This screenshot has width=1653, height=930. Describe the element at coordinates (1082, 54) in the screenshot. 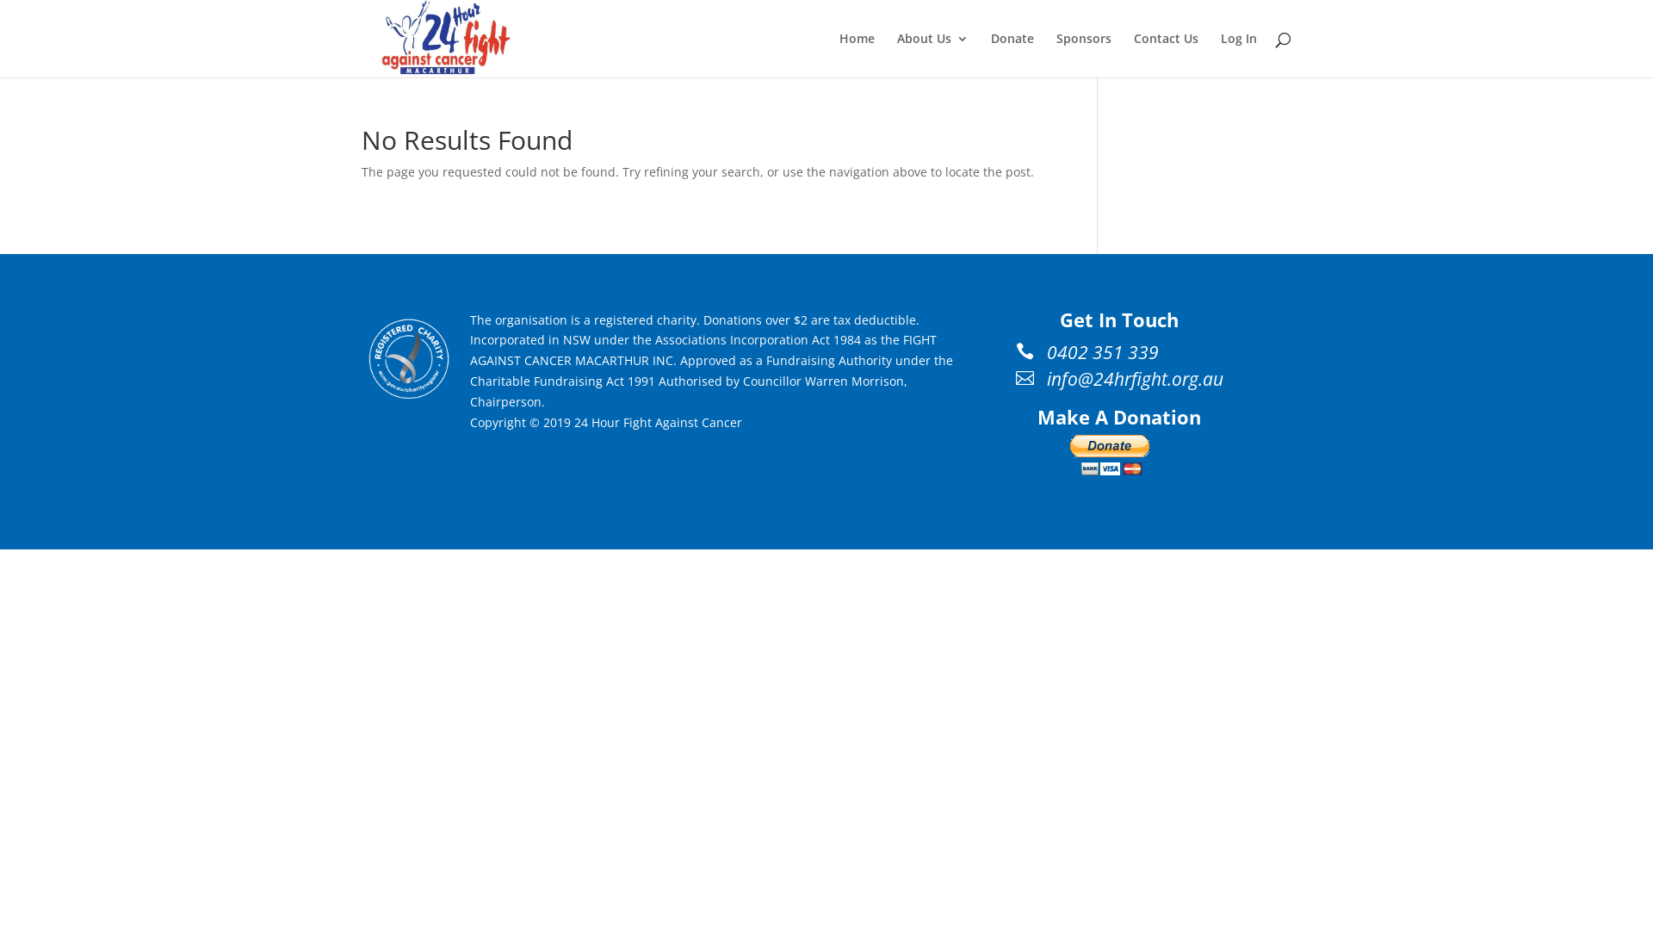

I see `'Sponsors'` at that location.